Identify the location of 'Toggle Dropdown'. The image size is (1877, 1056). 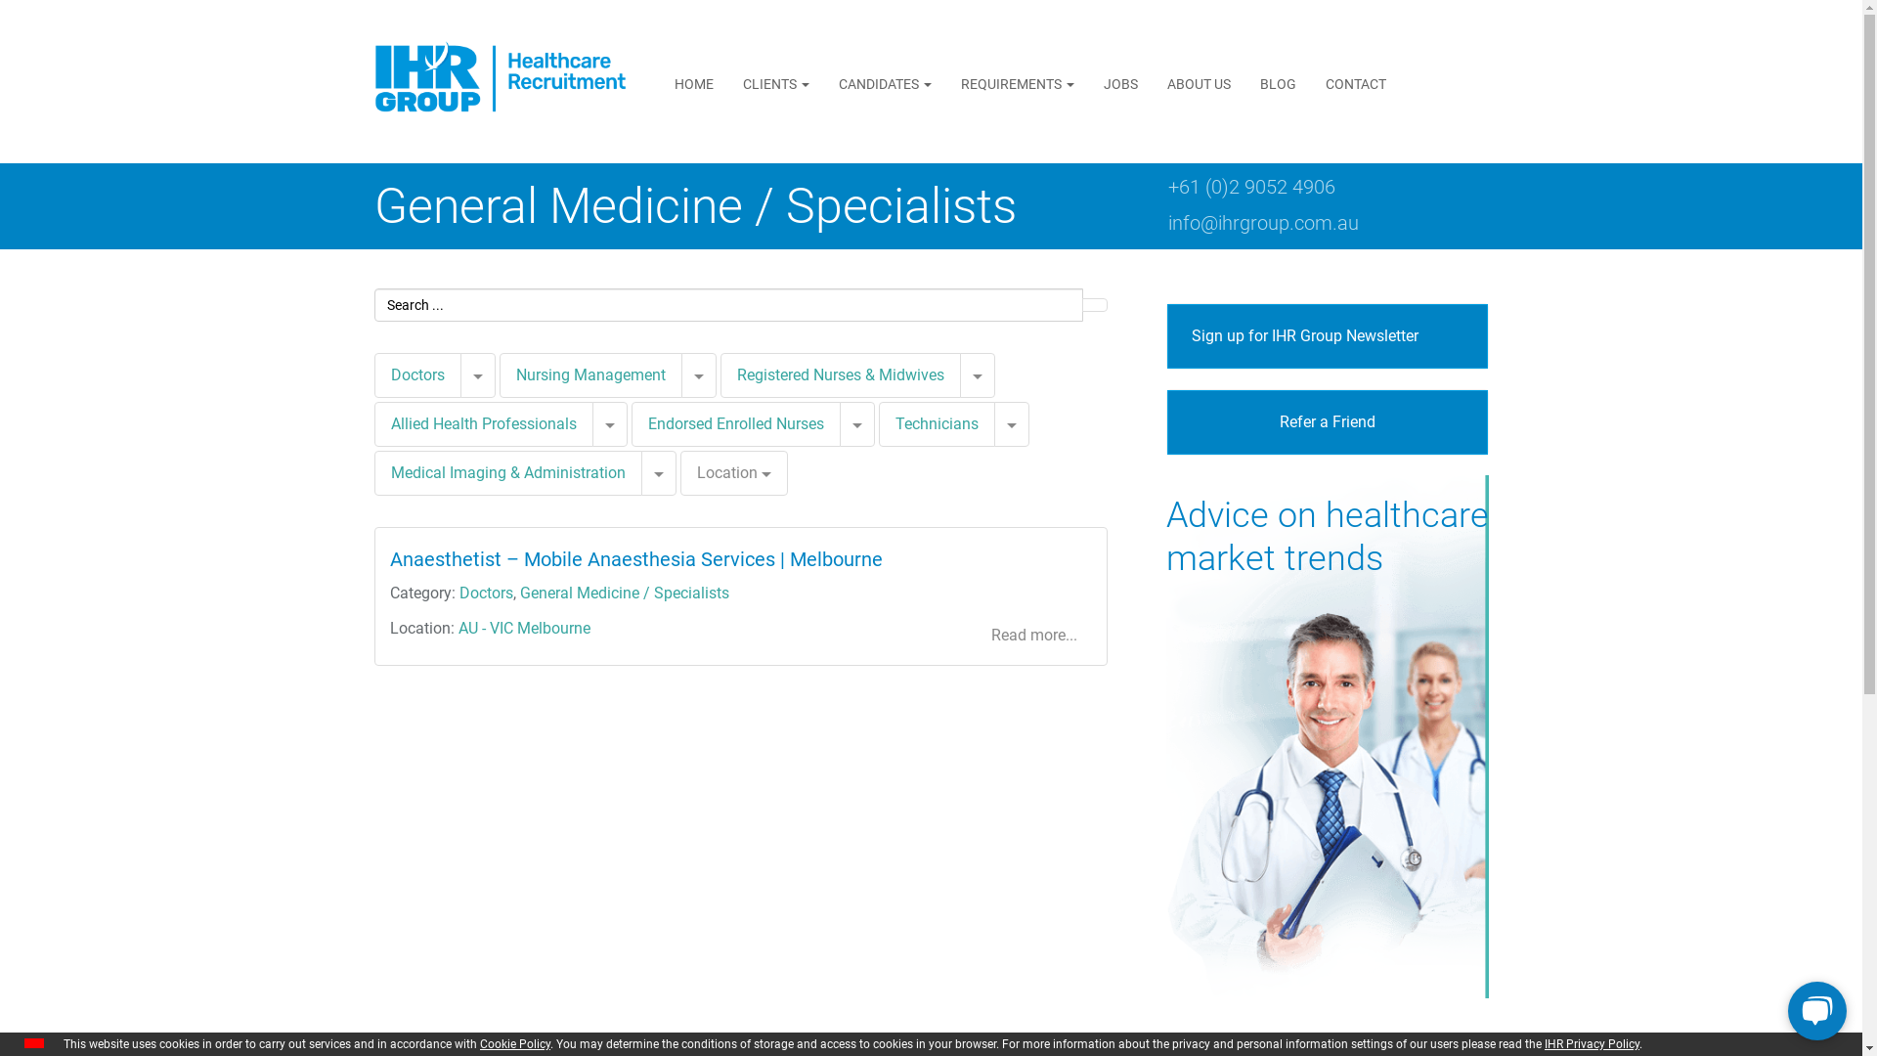
(477, 375).